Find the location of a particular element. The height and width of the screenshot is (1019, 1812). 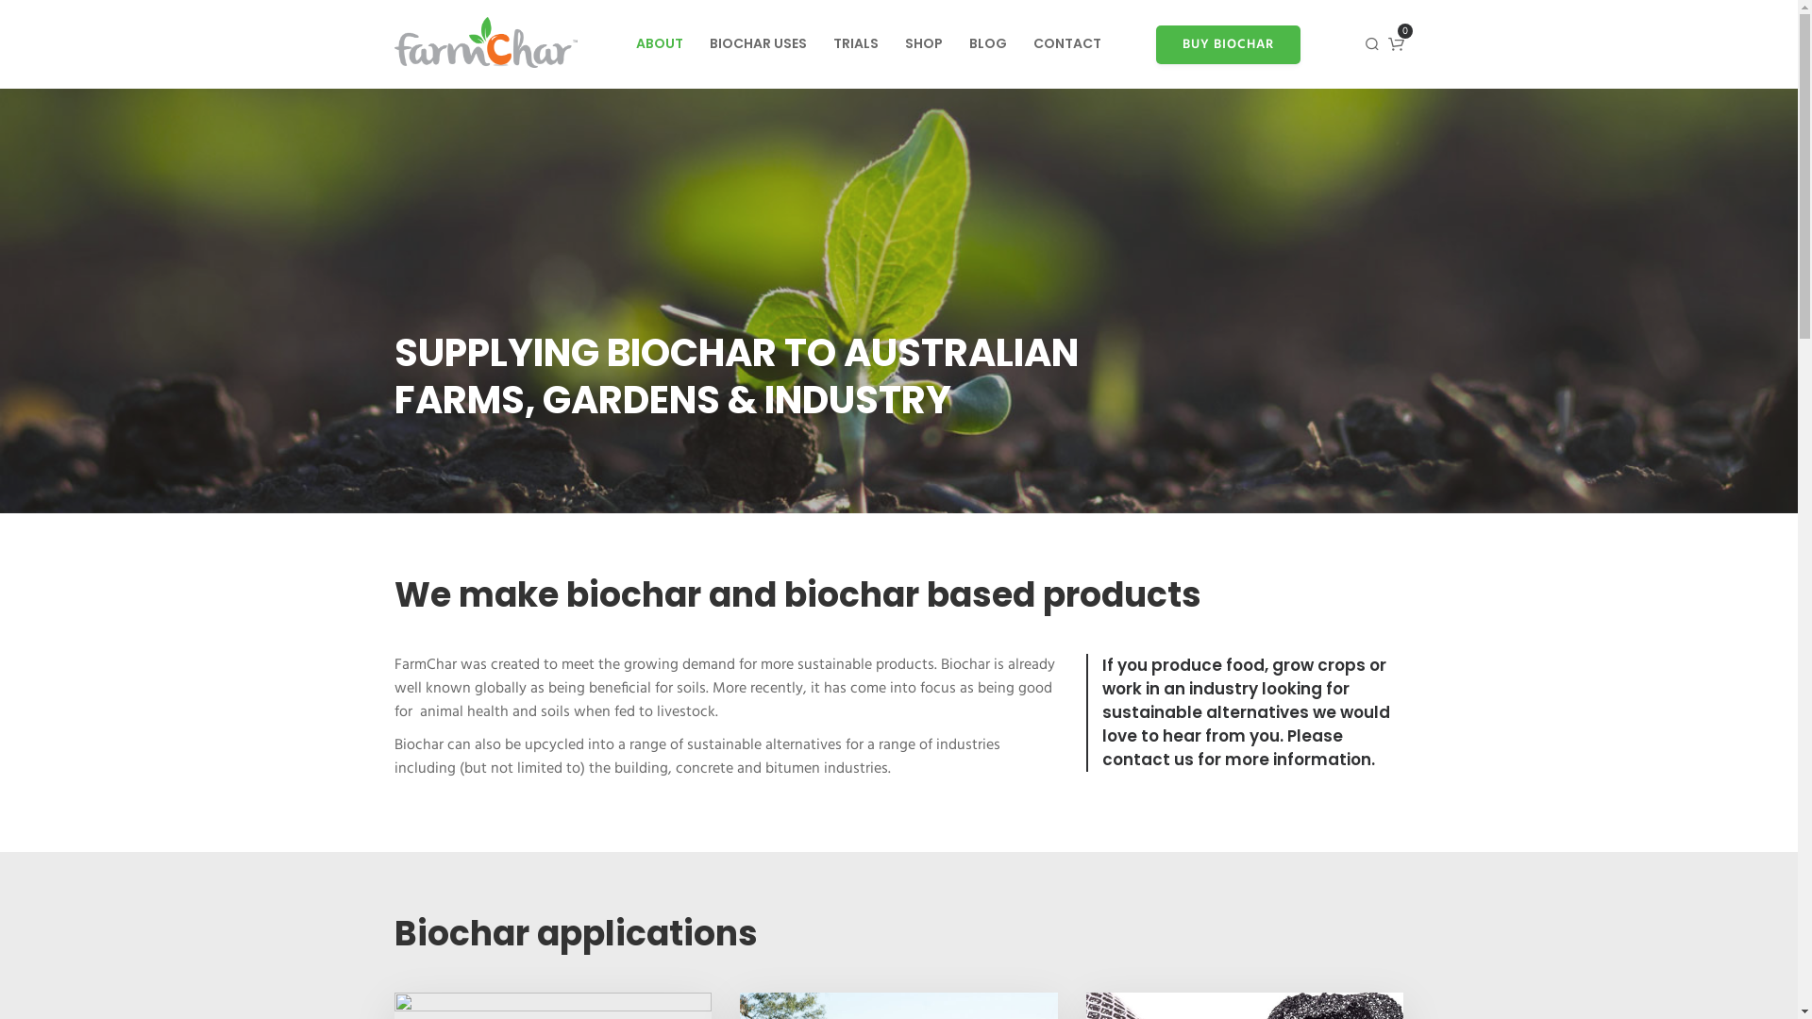

'BIOCHAR USES' is located at coordinates (758, 42).